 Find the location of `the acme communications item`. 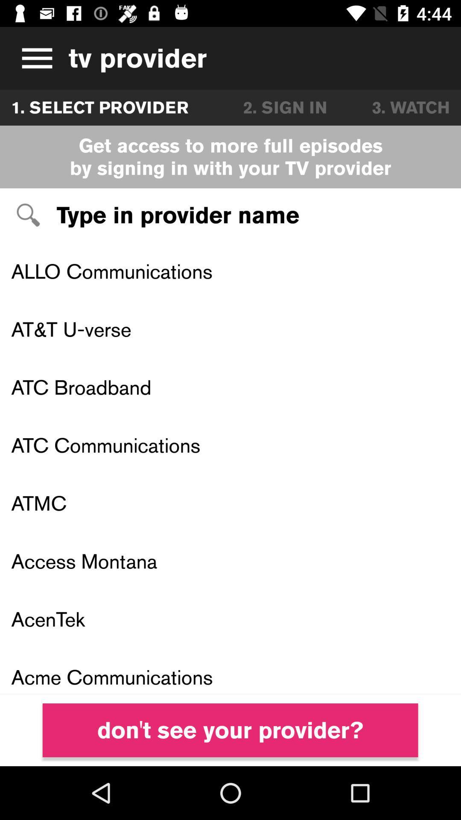

the acme communications item is located at coordinates (230, 671).